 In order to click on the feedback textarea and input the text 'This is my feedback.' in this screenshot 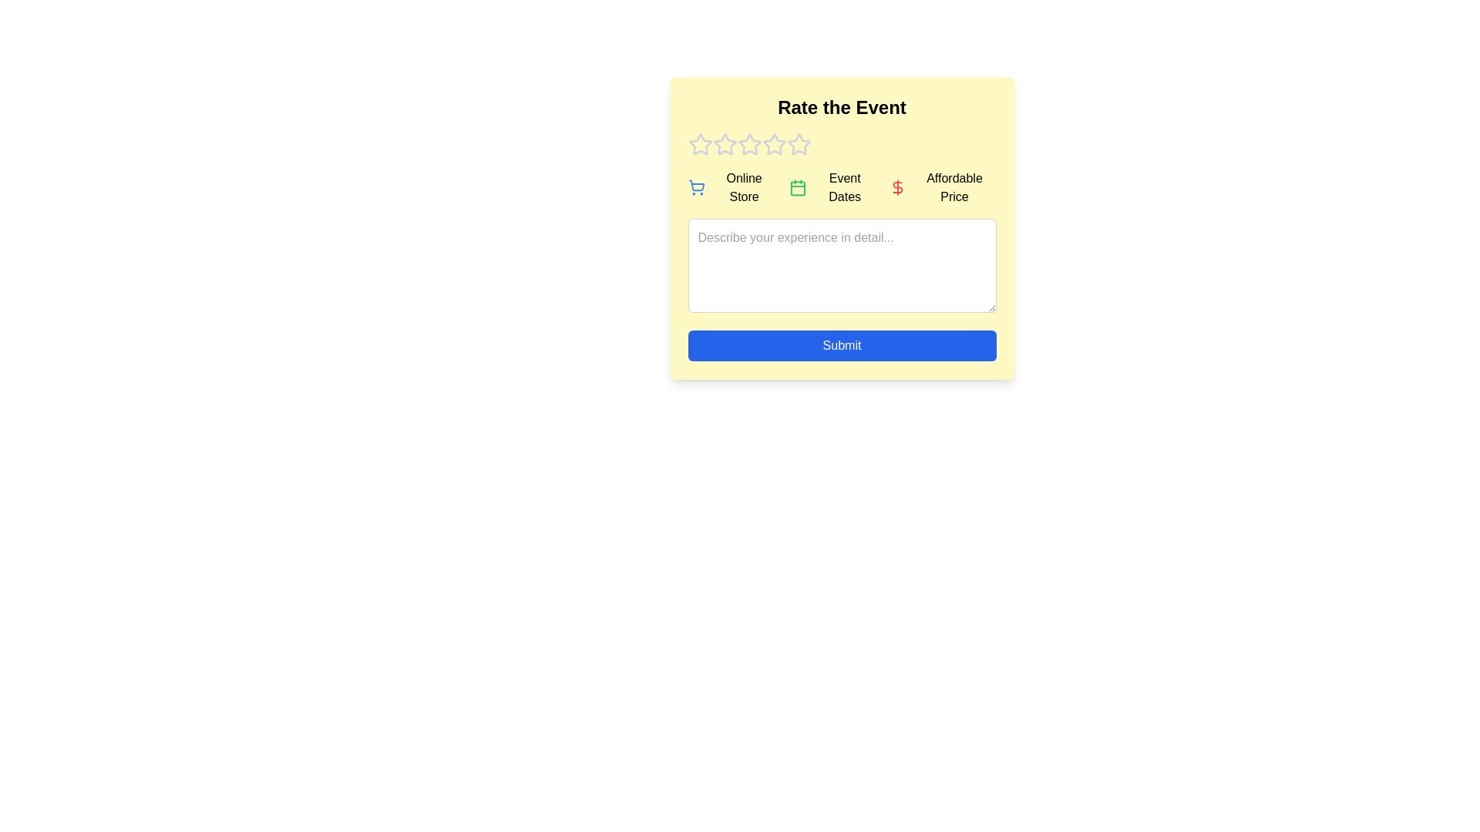, I will do `click(841, 264)`.